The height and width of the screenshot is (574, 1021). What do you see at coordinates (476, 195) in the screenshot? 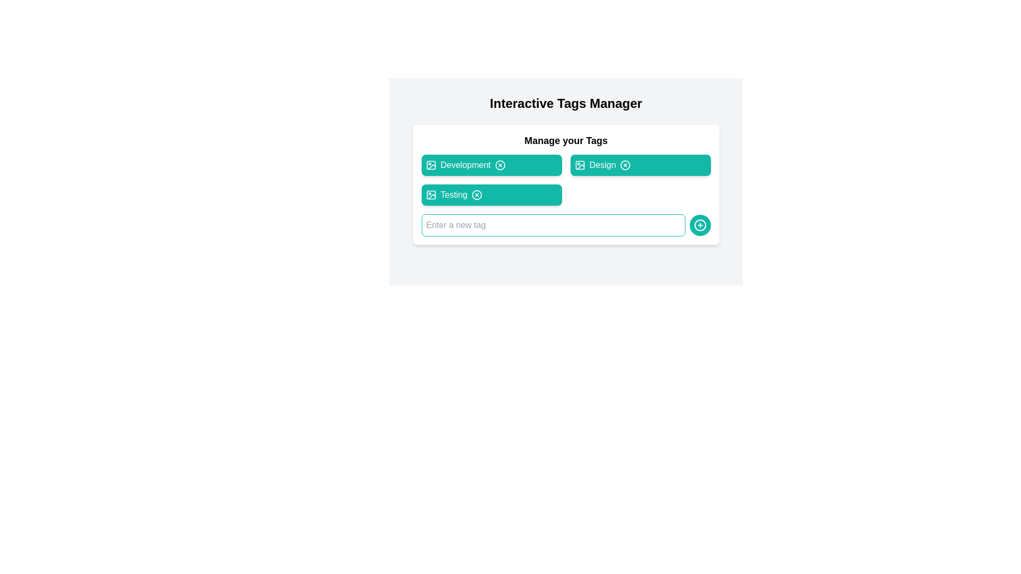
I see `the circular icon button with a cross ('X') symbol in the center` at bounding box center [476, 195].